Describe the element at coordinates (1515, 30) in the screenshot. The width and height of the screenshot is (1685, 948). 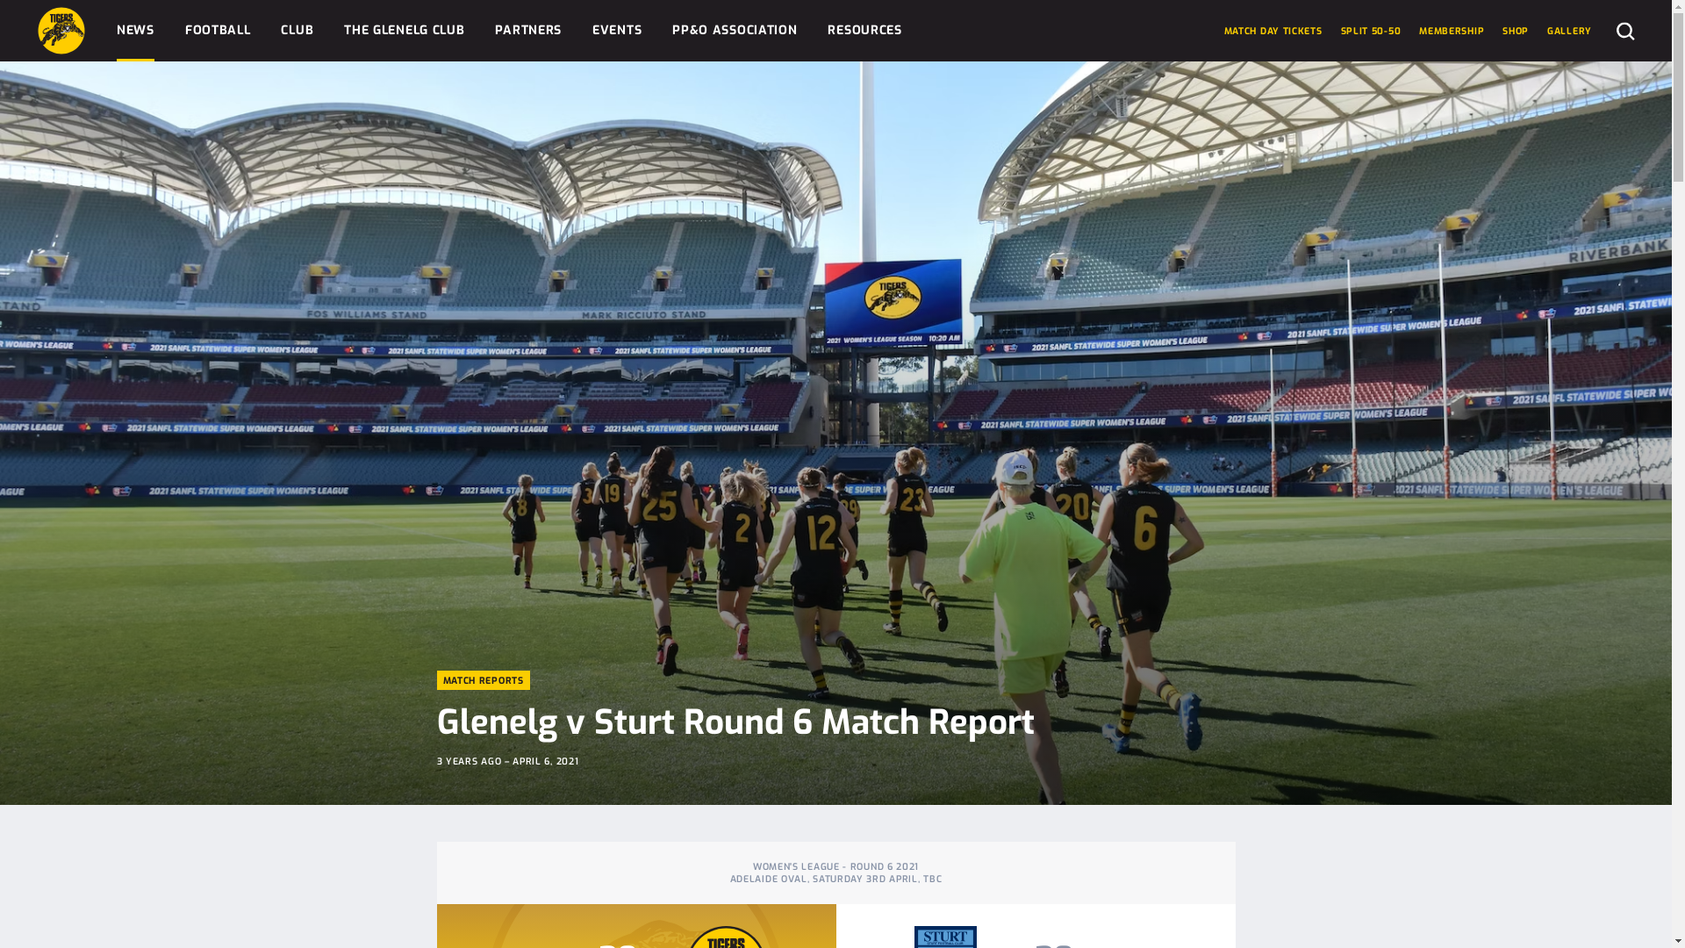
I see `'SHOP'` at that location.